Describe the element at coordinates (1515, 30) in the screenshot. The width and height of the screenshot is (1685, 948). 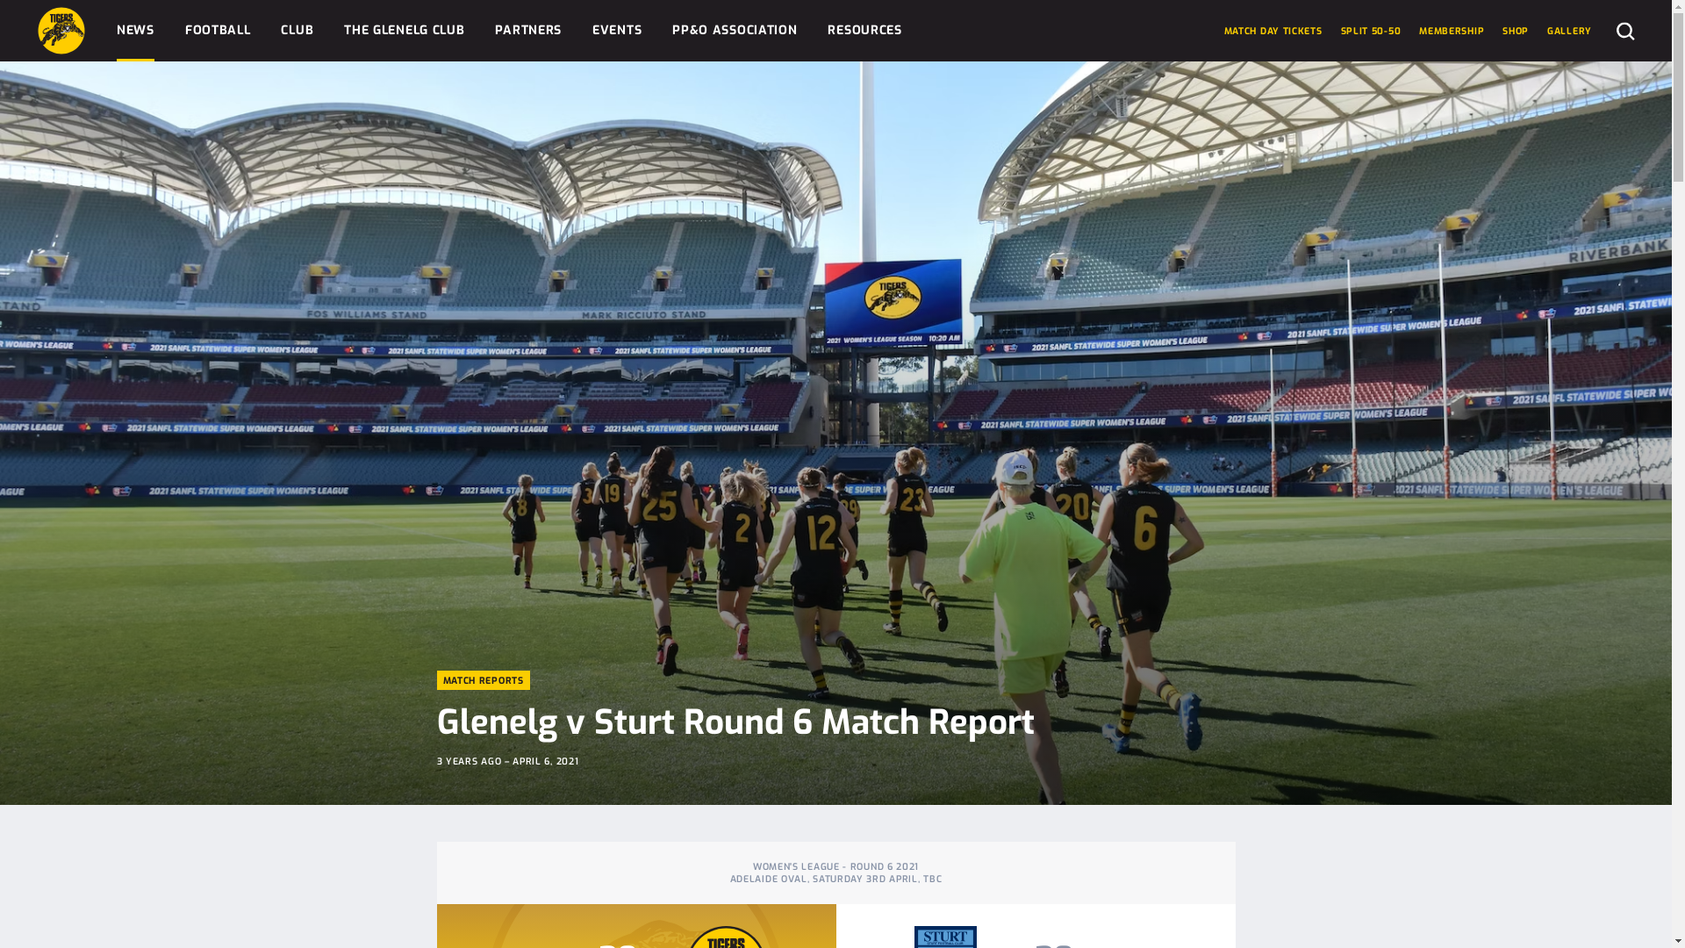
I see `'SHOP'` at that location.